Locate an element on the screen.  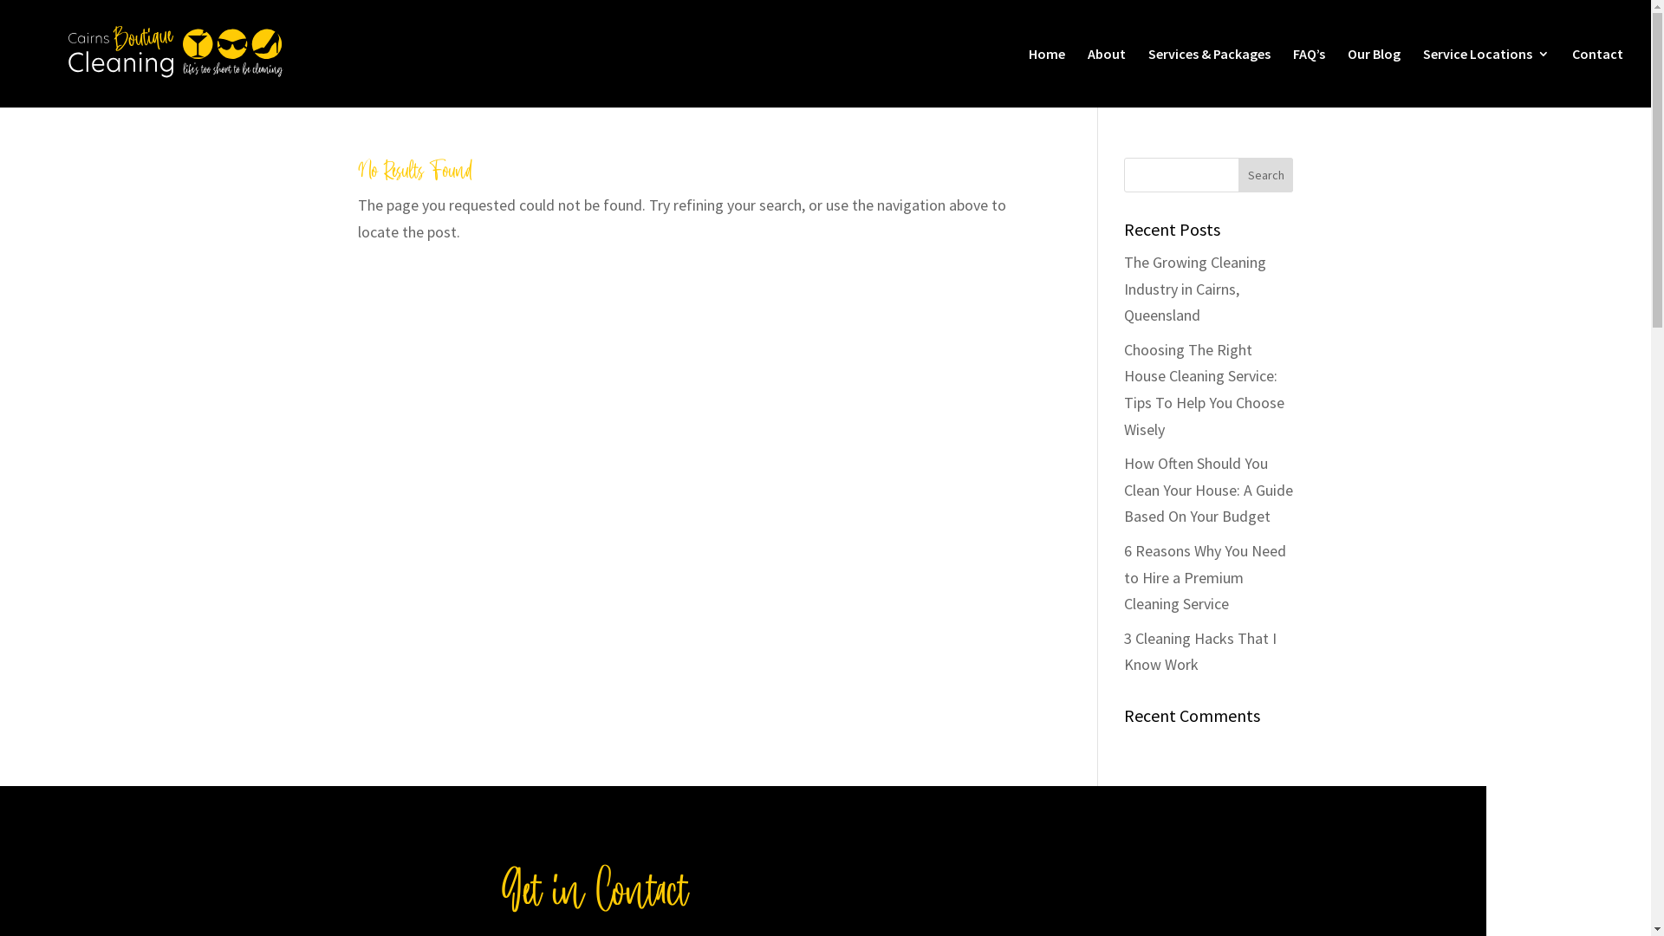
'About' is located at coordinates (1105, 76).